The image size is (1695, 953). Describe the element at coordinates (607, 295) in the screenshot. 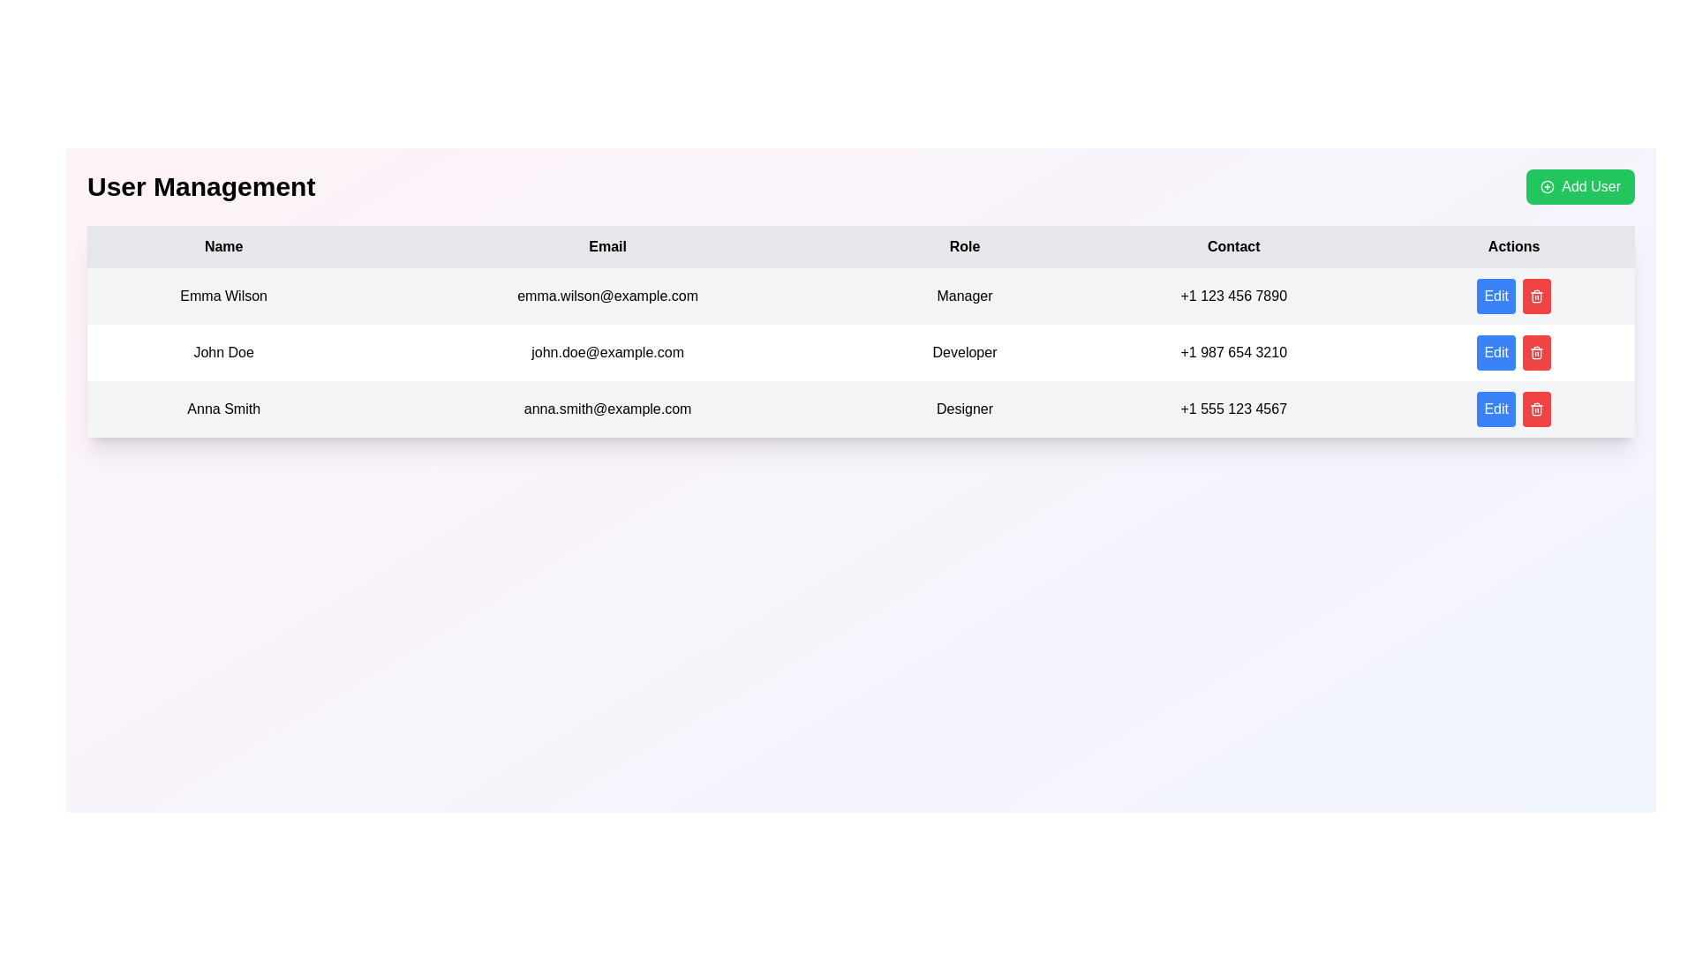

I see `the text label displaying the email address for the user 'Emma Wilson' in the User Management table` at that location.